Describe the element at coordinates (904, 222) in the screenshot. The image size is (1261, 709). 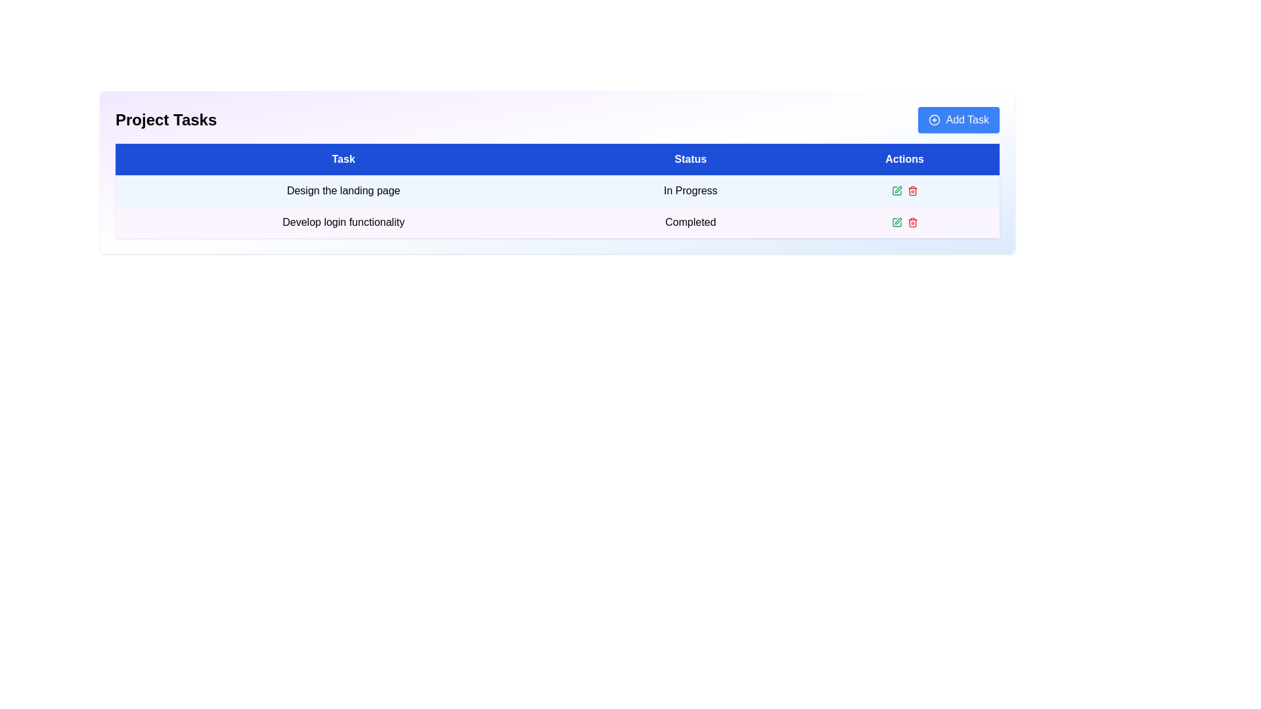
I see `the icons in the 'Actions' column of the second row in the task table corresponding to the 'Completed' task` at that location.